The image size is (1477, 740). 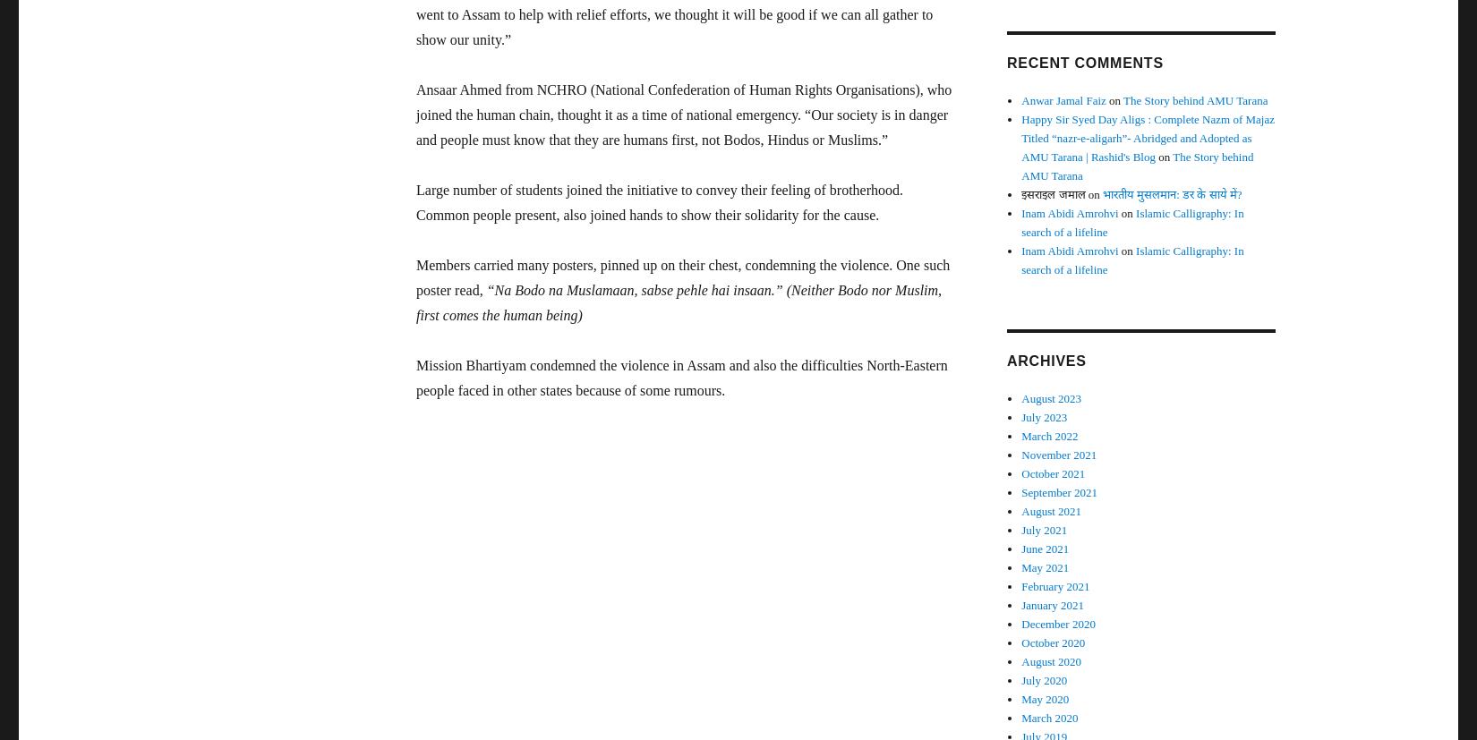 What do you see at coordinates (1020, 660) in the screenshot?
I see `'August 2020'` at bounding box center [1020, 660].